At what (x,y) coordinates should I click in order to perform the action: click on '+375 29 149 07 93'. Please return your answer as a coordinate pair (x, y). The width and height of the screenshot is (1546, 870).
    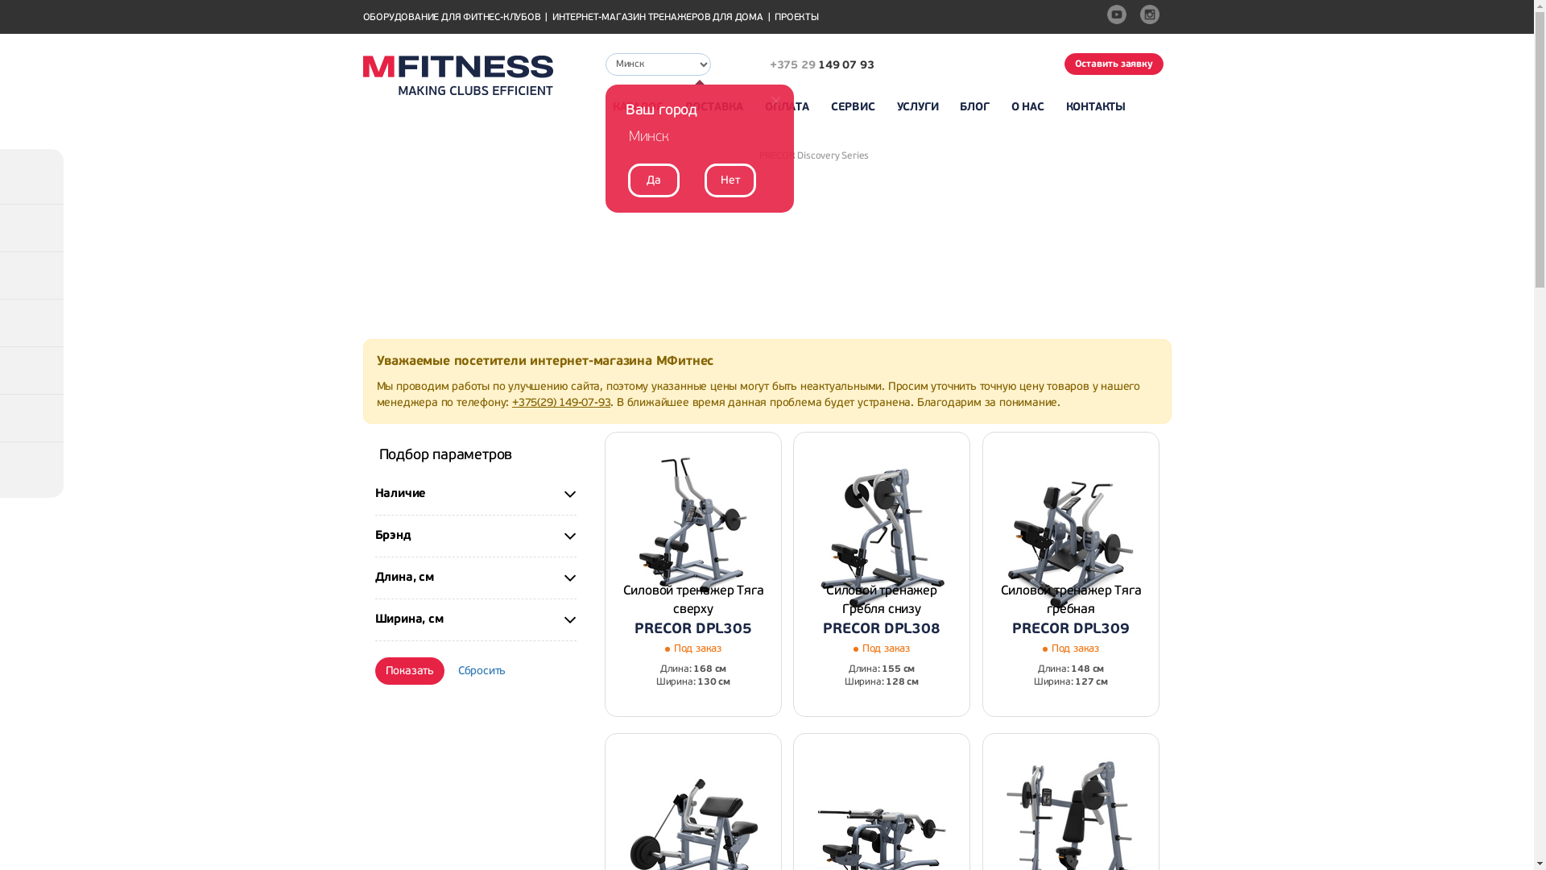
    Looking at the image, I should click on (807, 64).